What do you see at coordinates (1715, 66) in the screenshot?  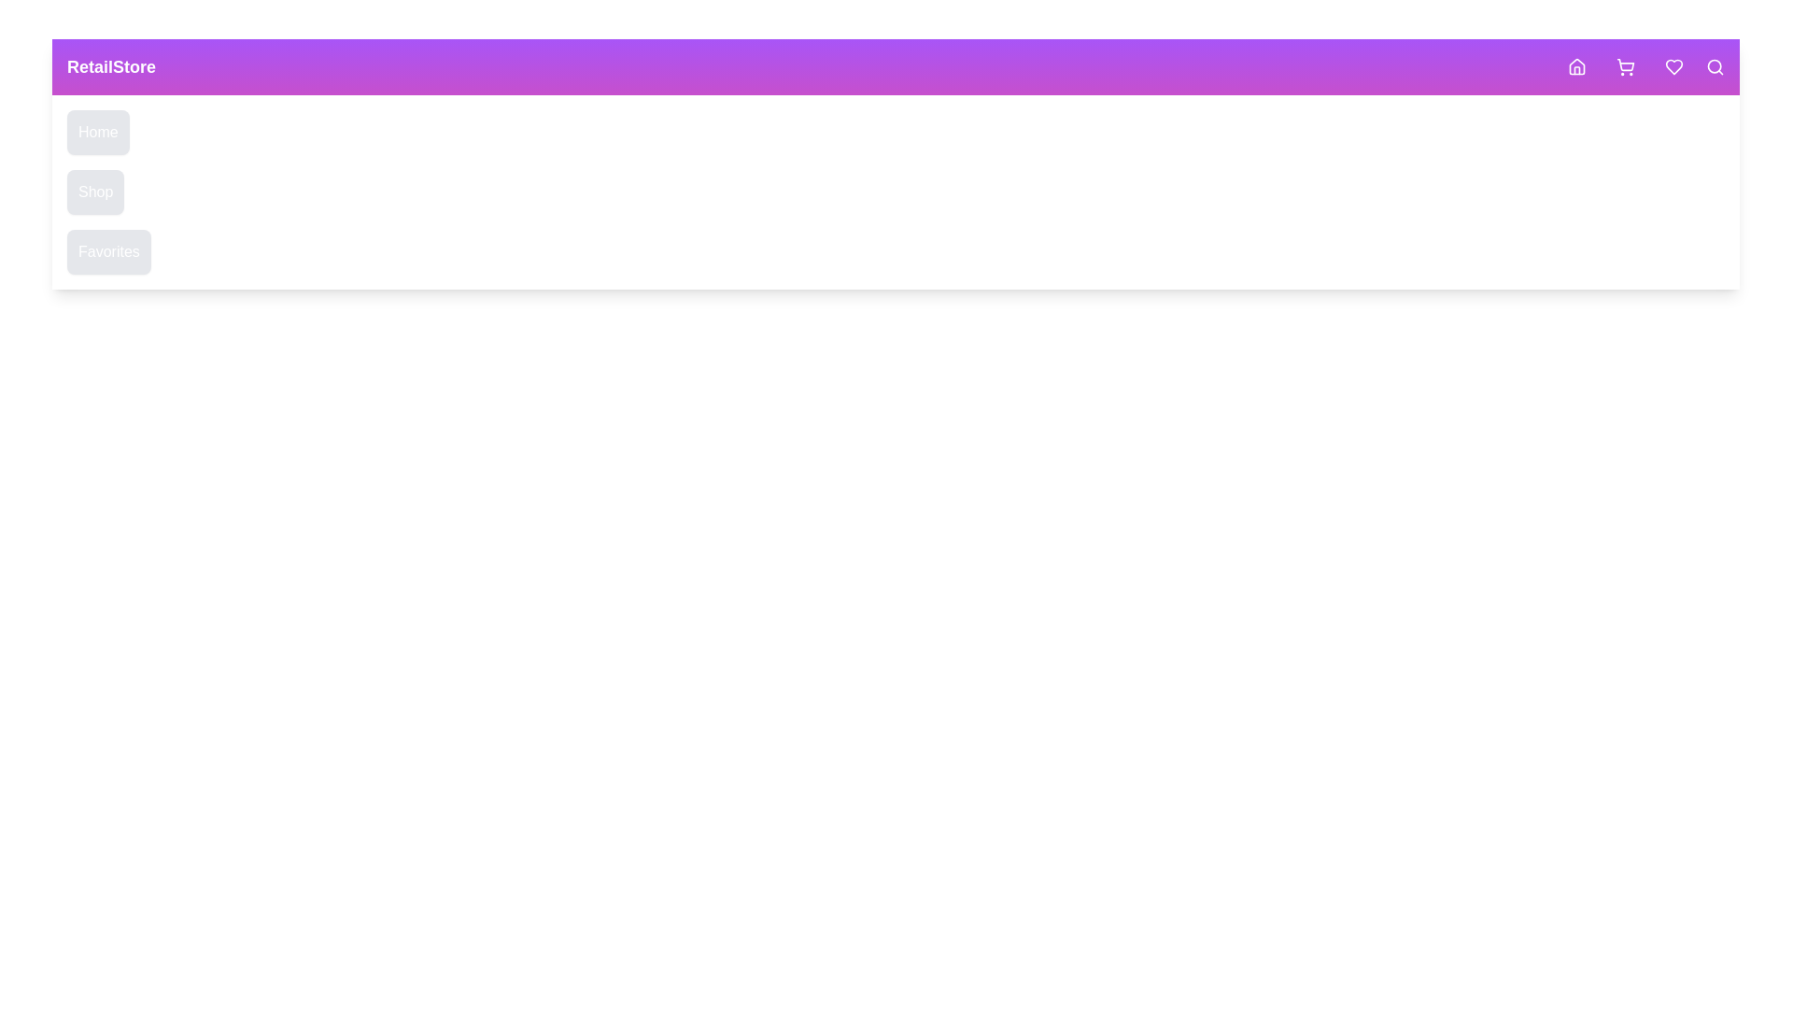 I see `the search icon in the header` at bounding box center [1715, 66].